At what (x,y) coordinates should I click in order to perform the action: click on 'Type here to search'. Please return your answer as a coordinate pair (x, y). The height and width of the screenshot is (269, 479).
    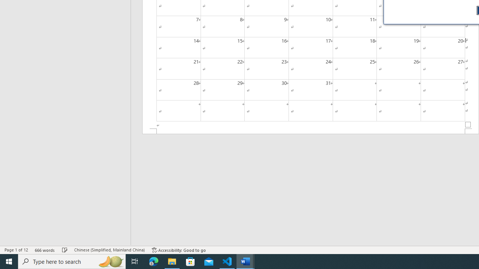
    Looking at the image, I should click on (72, 261).